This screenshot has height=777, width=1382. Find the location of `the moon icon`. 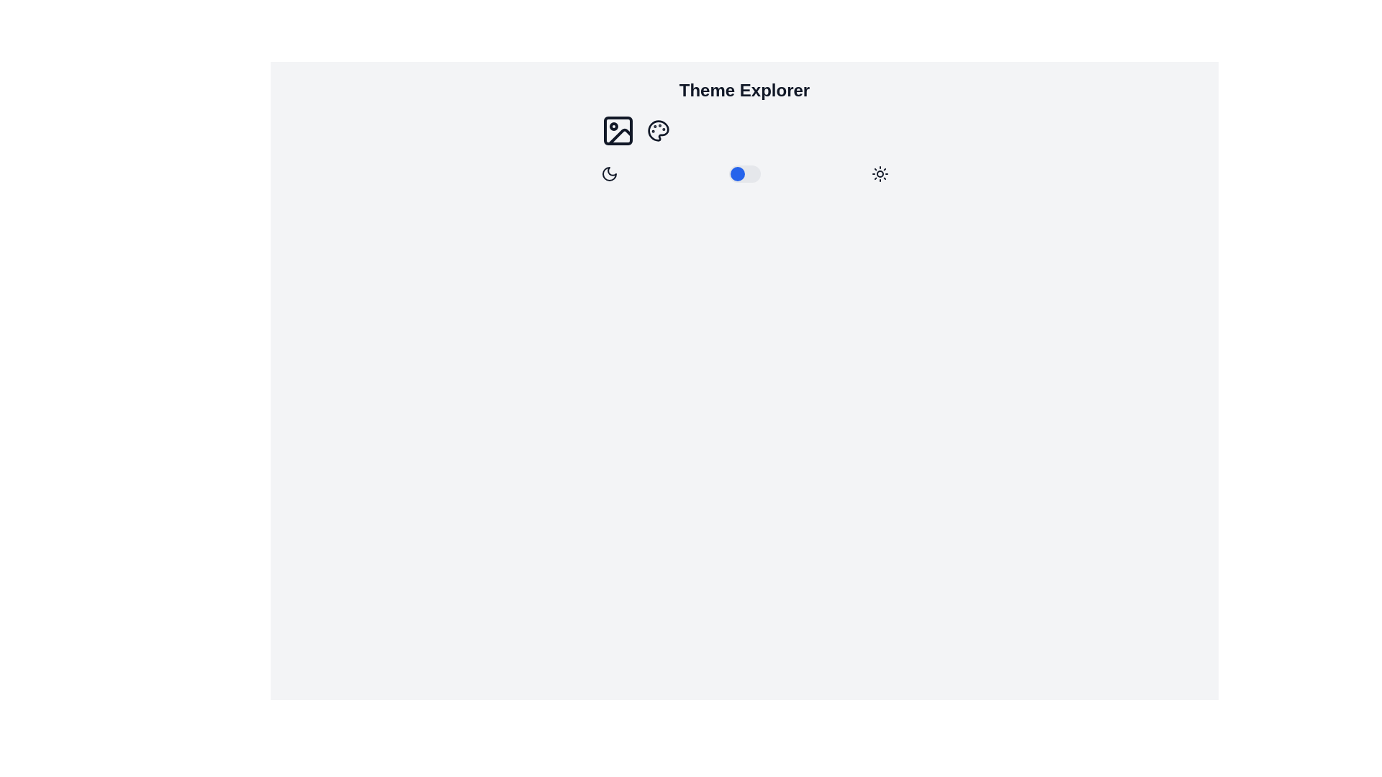

the moon icon is located at coordinates (609, 173).